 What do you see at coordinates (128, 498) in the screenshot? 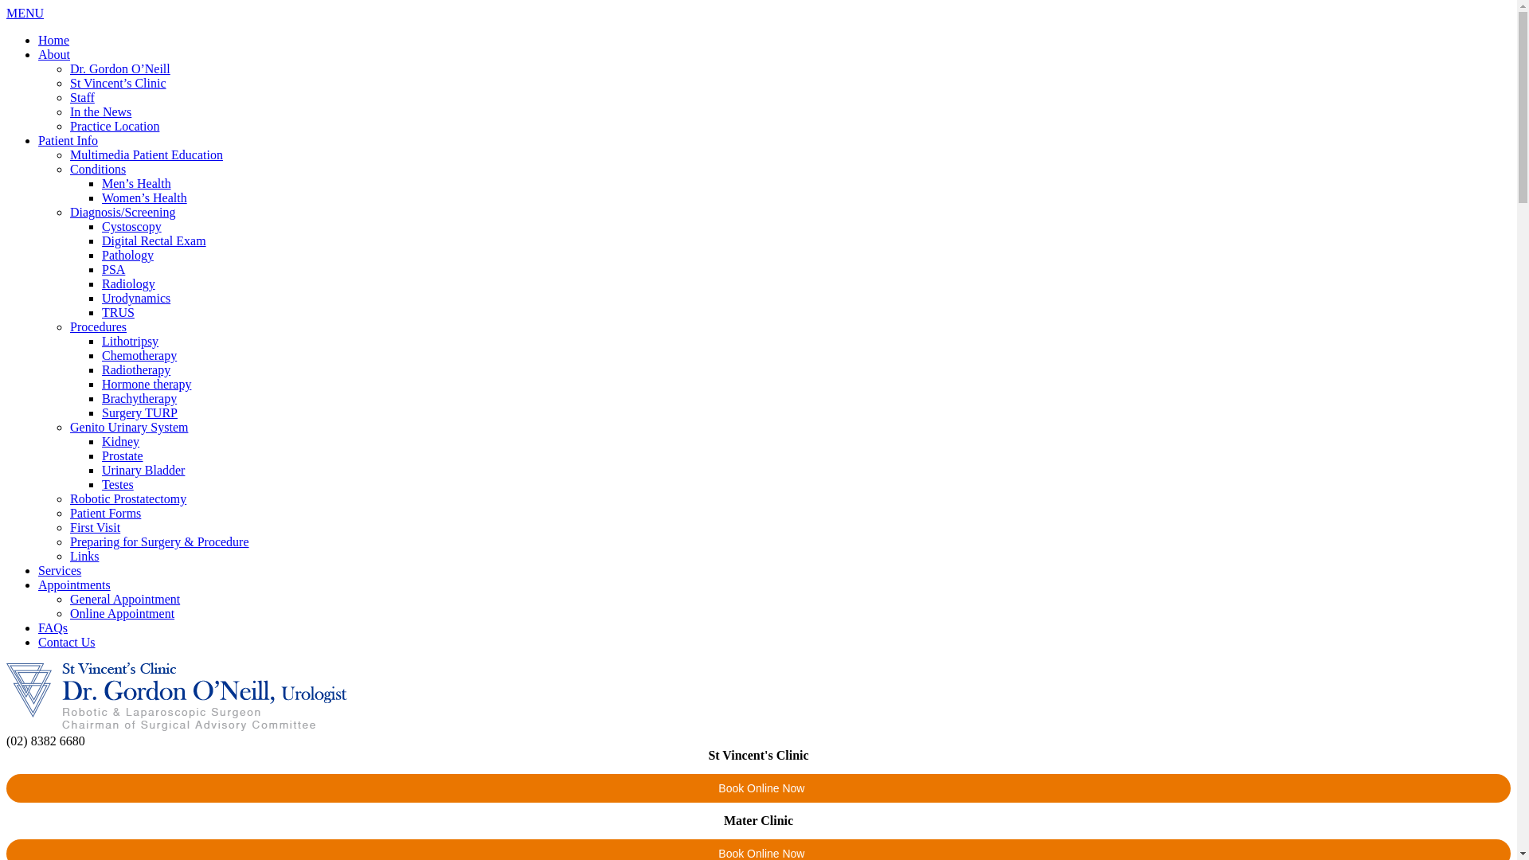
I see `'Robotic Prostatectomy'` at bounding box center [128, 498].